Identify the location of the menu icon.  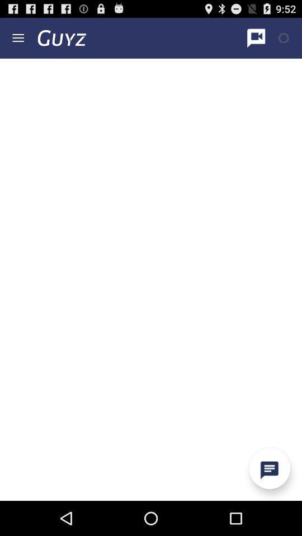
(17, 40).